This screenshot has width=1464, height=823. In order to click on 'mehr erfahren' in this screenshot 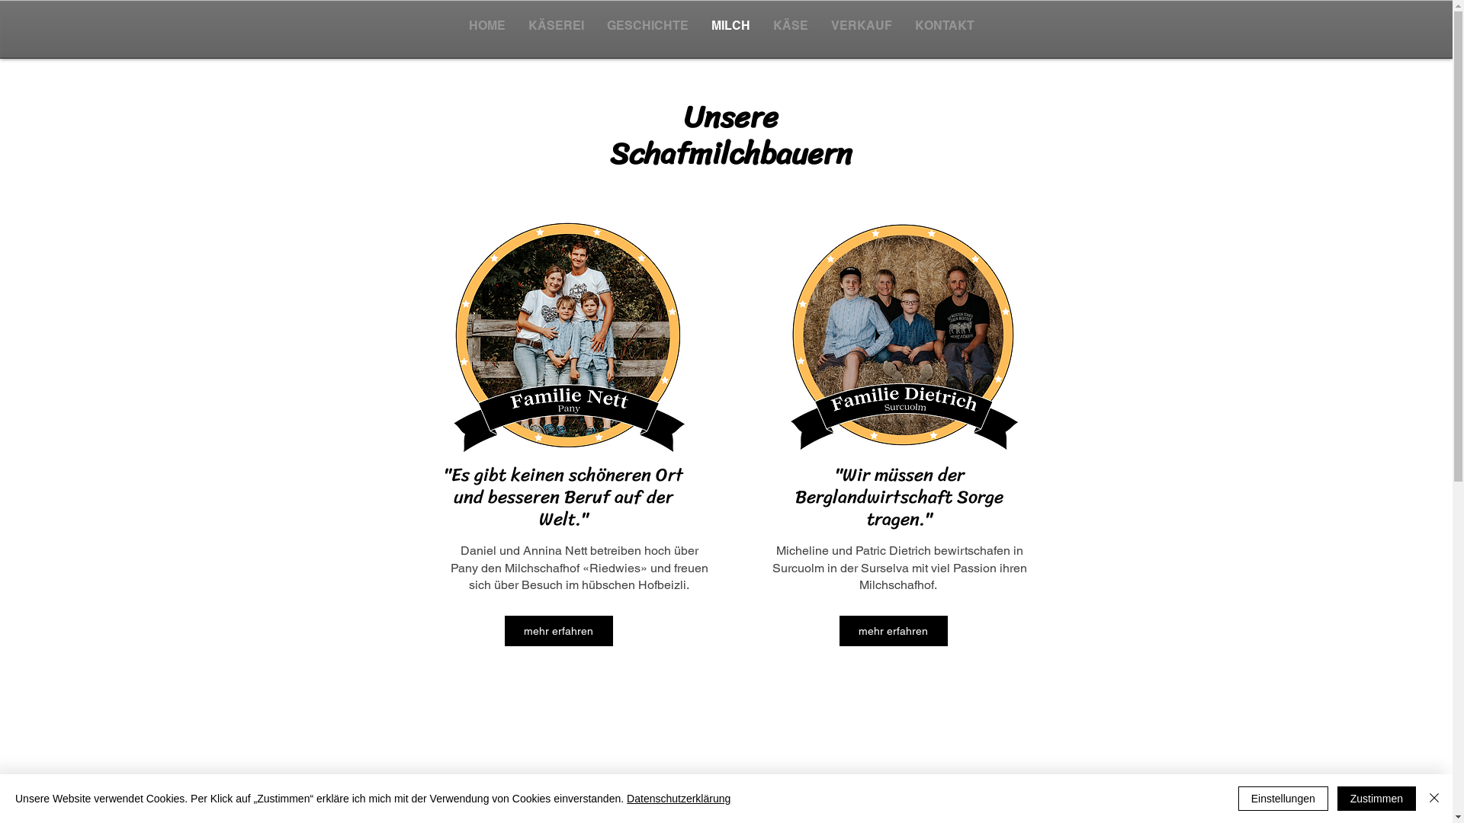, I will do `click(558, 631)`.